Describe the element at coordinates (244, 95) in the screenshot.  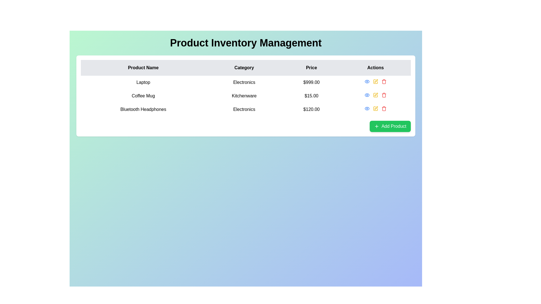
I see `text label that classifies the item 'Coffee Mug' under the 'Kitchenware' category, which is positioned between the 'Coffee Mug' label and the '$15.00' label in the 'Category' column of the table` at that location.